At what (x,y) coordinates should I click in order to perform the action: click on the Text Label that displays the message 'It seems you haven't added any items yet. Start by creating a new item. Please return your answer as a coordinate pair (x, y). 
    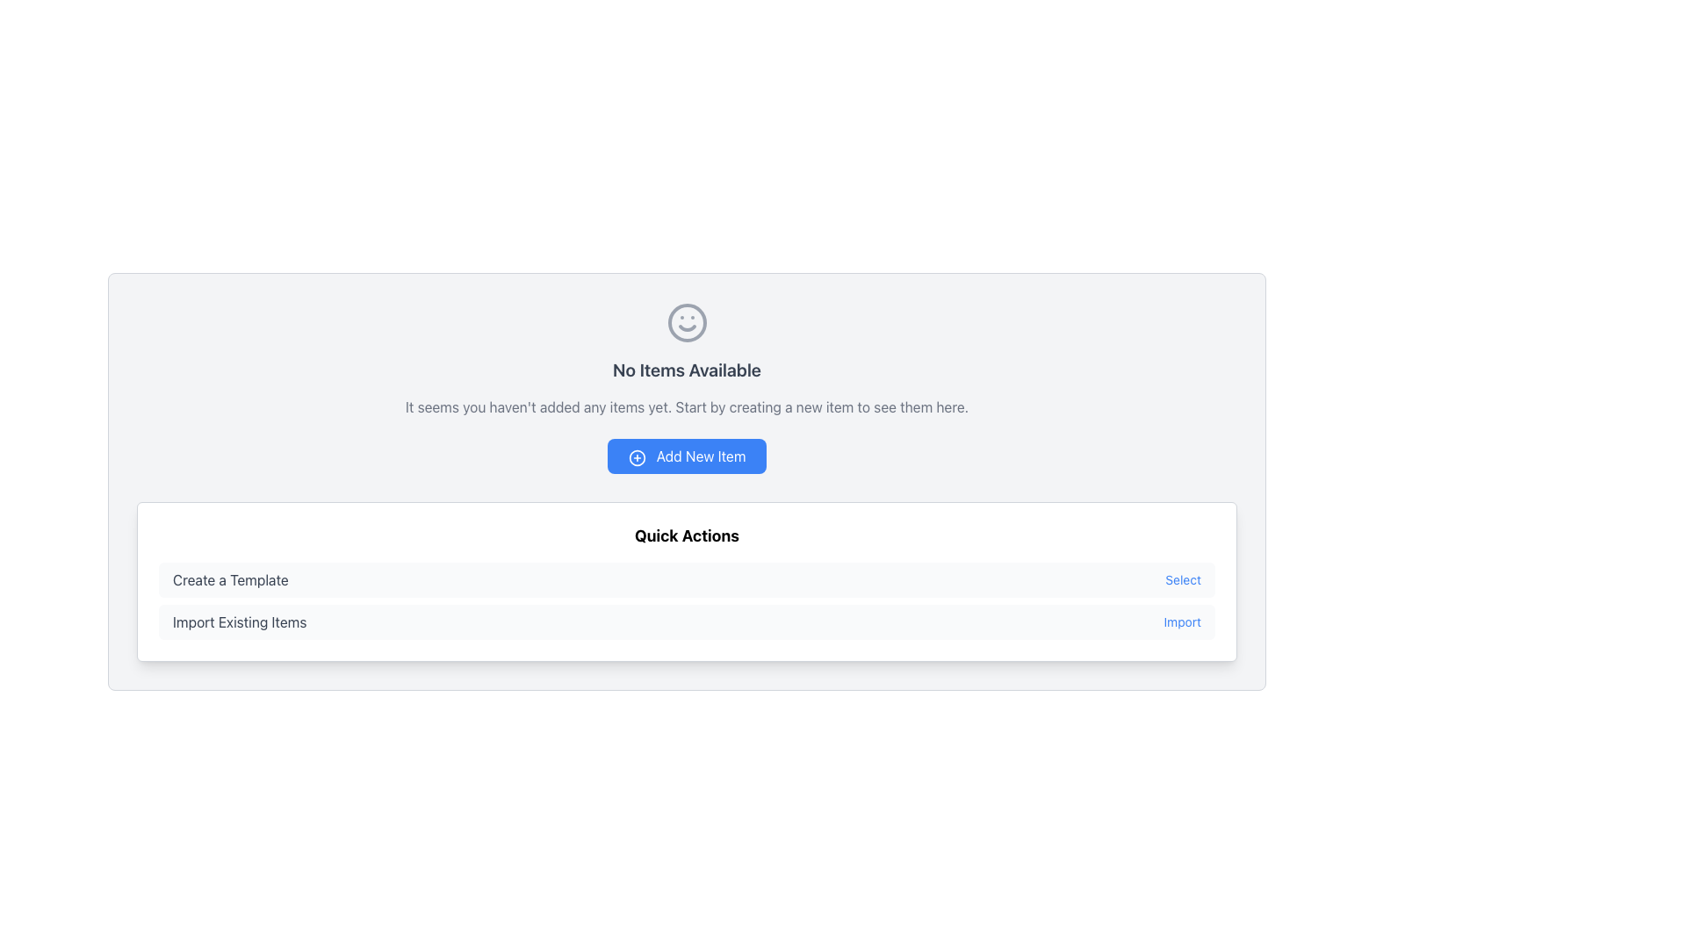
    Looking at the image, I should click on (686, 406).